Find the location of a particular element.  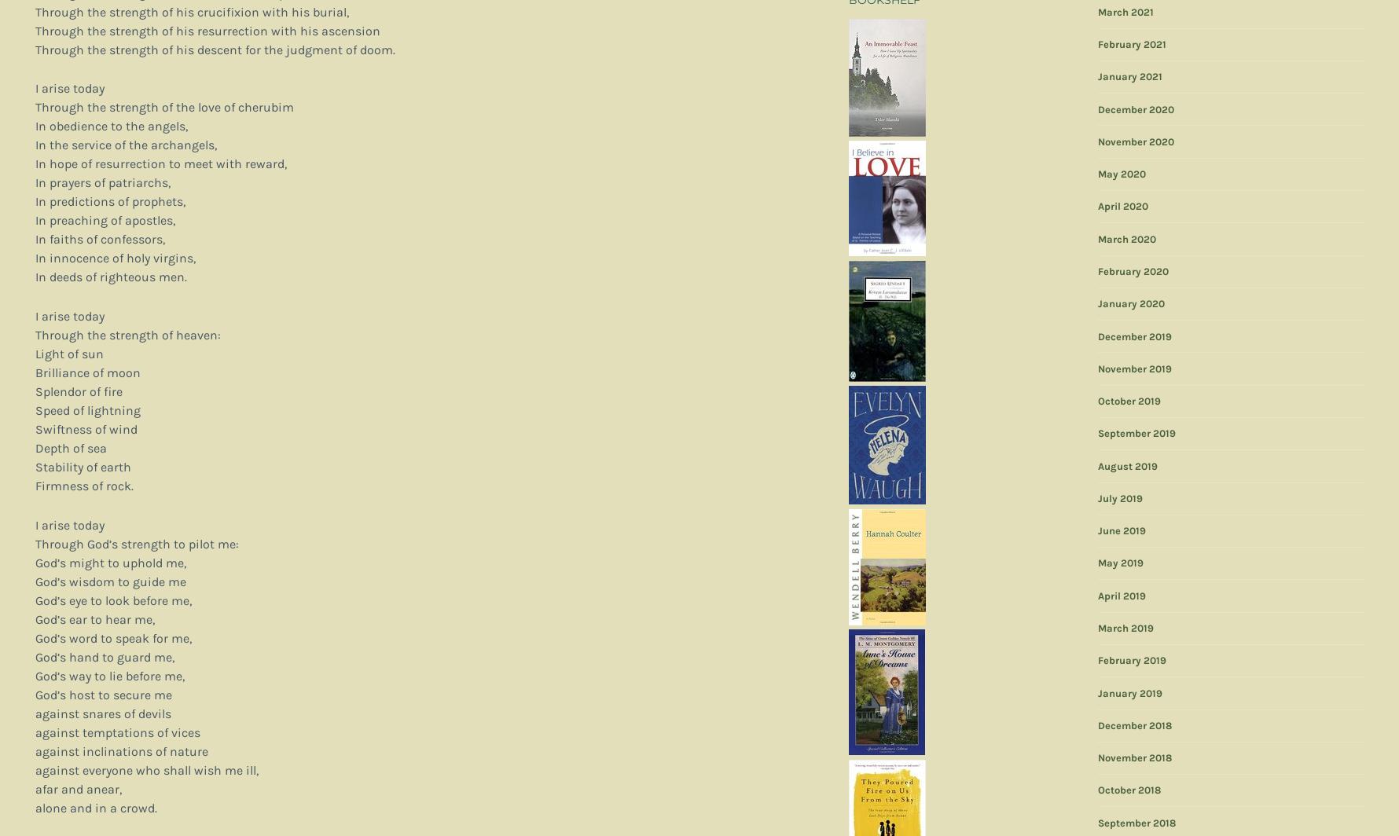

'June 2019' is located at coordinates (1097, 530).